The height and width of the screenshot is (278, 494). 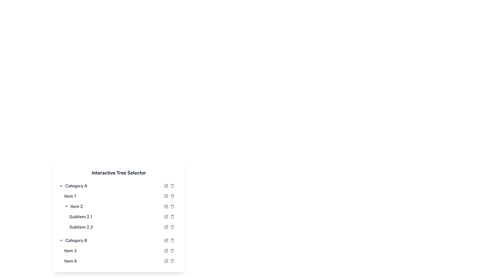 I want to click on the editing tool icon, which resembles a pen and square design, located to the right of the 'Item 4' label in the 'Interactive Tree Selector' list, so click(x=166, y=261).